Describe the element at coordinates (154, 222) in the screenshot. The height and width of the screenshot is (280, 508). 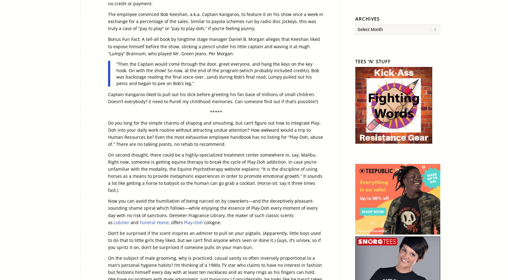
I see `'Funeral Home'` at that location.